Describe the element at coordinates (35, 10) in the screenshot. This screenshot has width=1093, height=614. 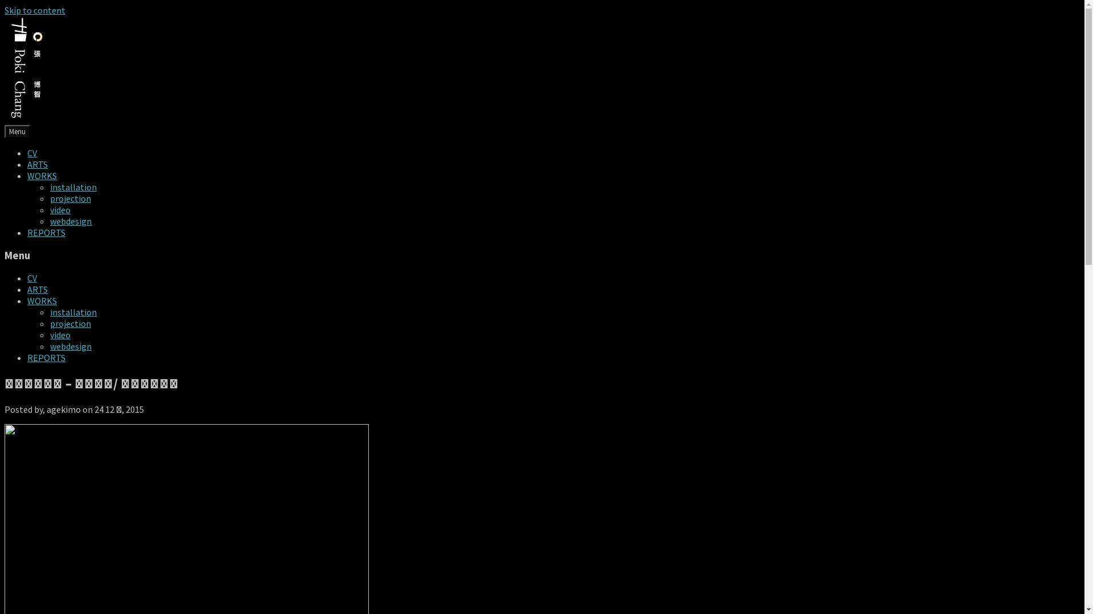
I see `'Skip to content'` at that location.